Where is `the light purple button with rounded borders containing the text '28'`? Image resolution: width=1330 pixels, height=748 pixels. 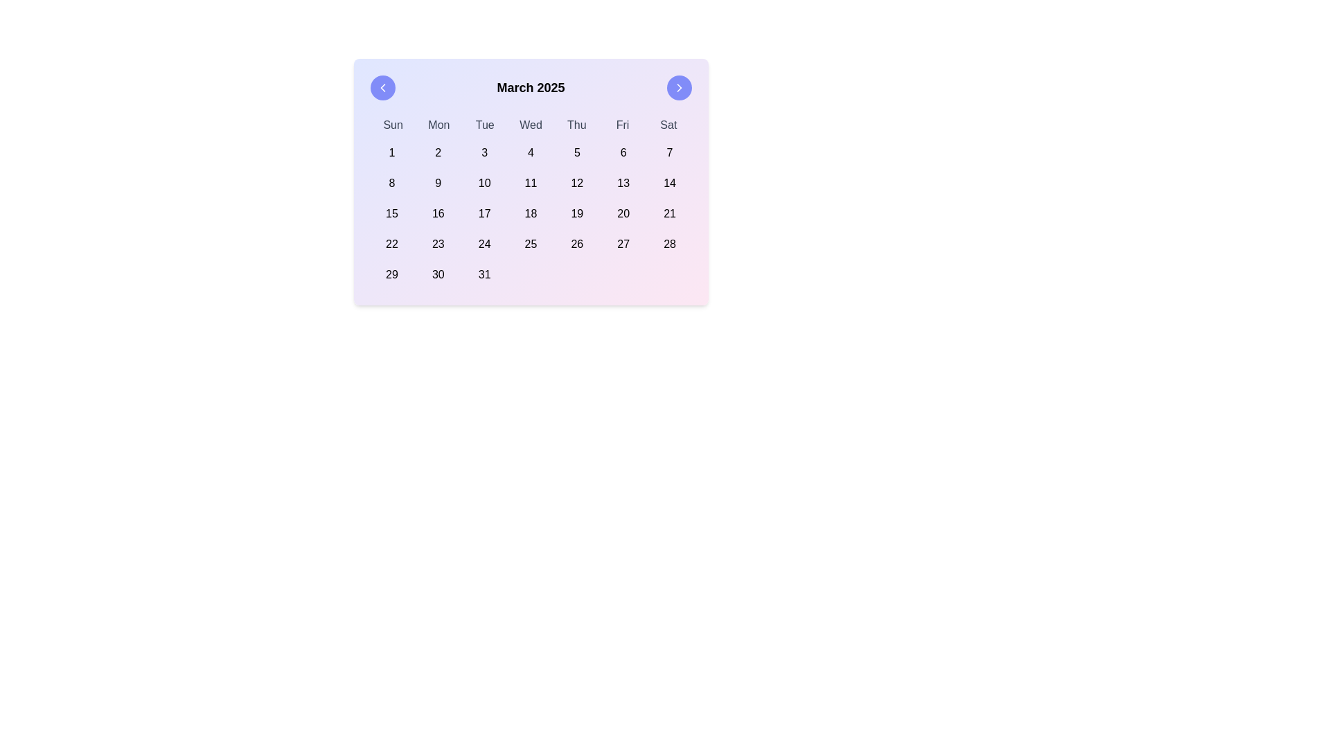
the light purple button with rounded borders containing the text '28' is located at coordinates (670, 244).